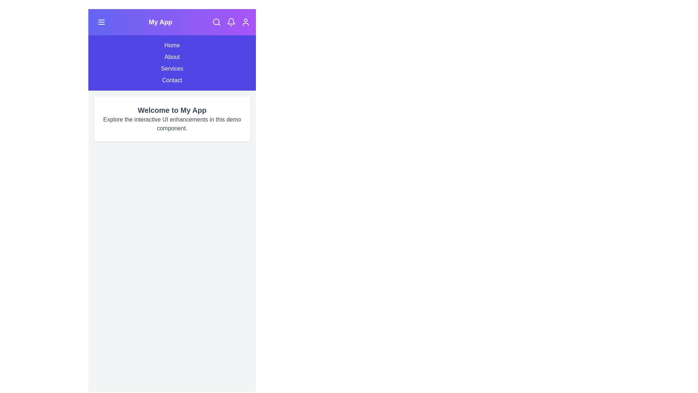 Image resolution: width=698 pixels, height=393 pixels. Describe the element at coordinates (172, 69) in the screenshot. I see `the menu item Services from the navigation menu` at that location.